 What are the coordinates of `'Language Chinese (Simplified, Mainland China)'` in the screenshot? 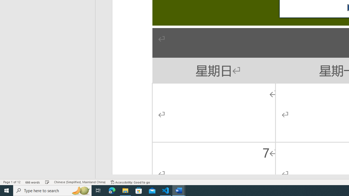 It's located at (79, 182).